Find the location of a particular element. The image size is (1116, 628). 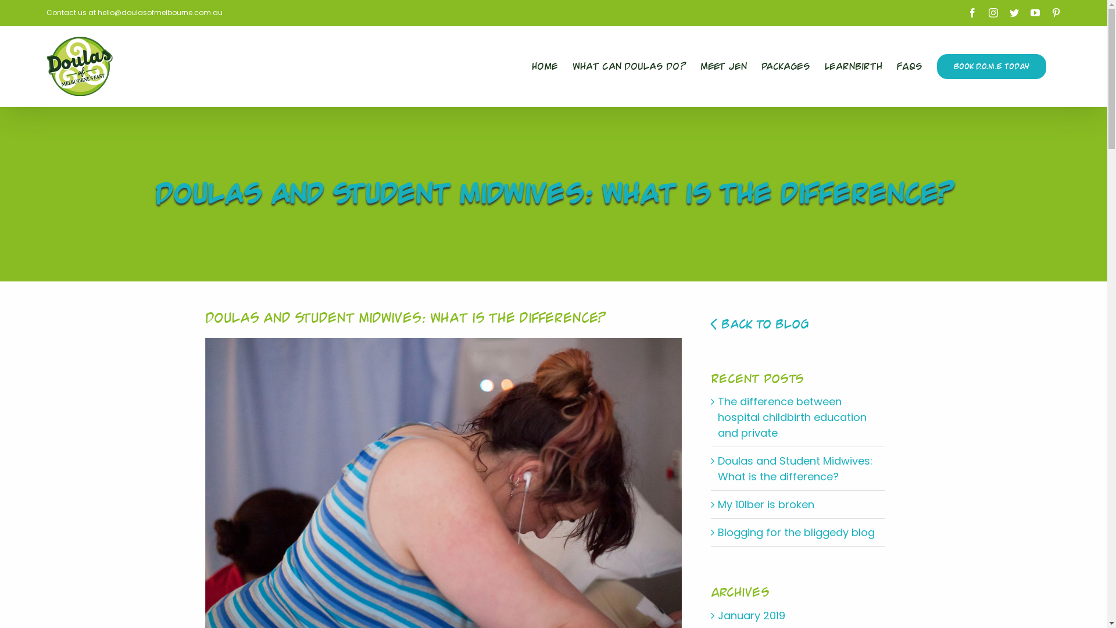

'Facebook' is located at coordinates (972, 13).